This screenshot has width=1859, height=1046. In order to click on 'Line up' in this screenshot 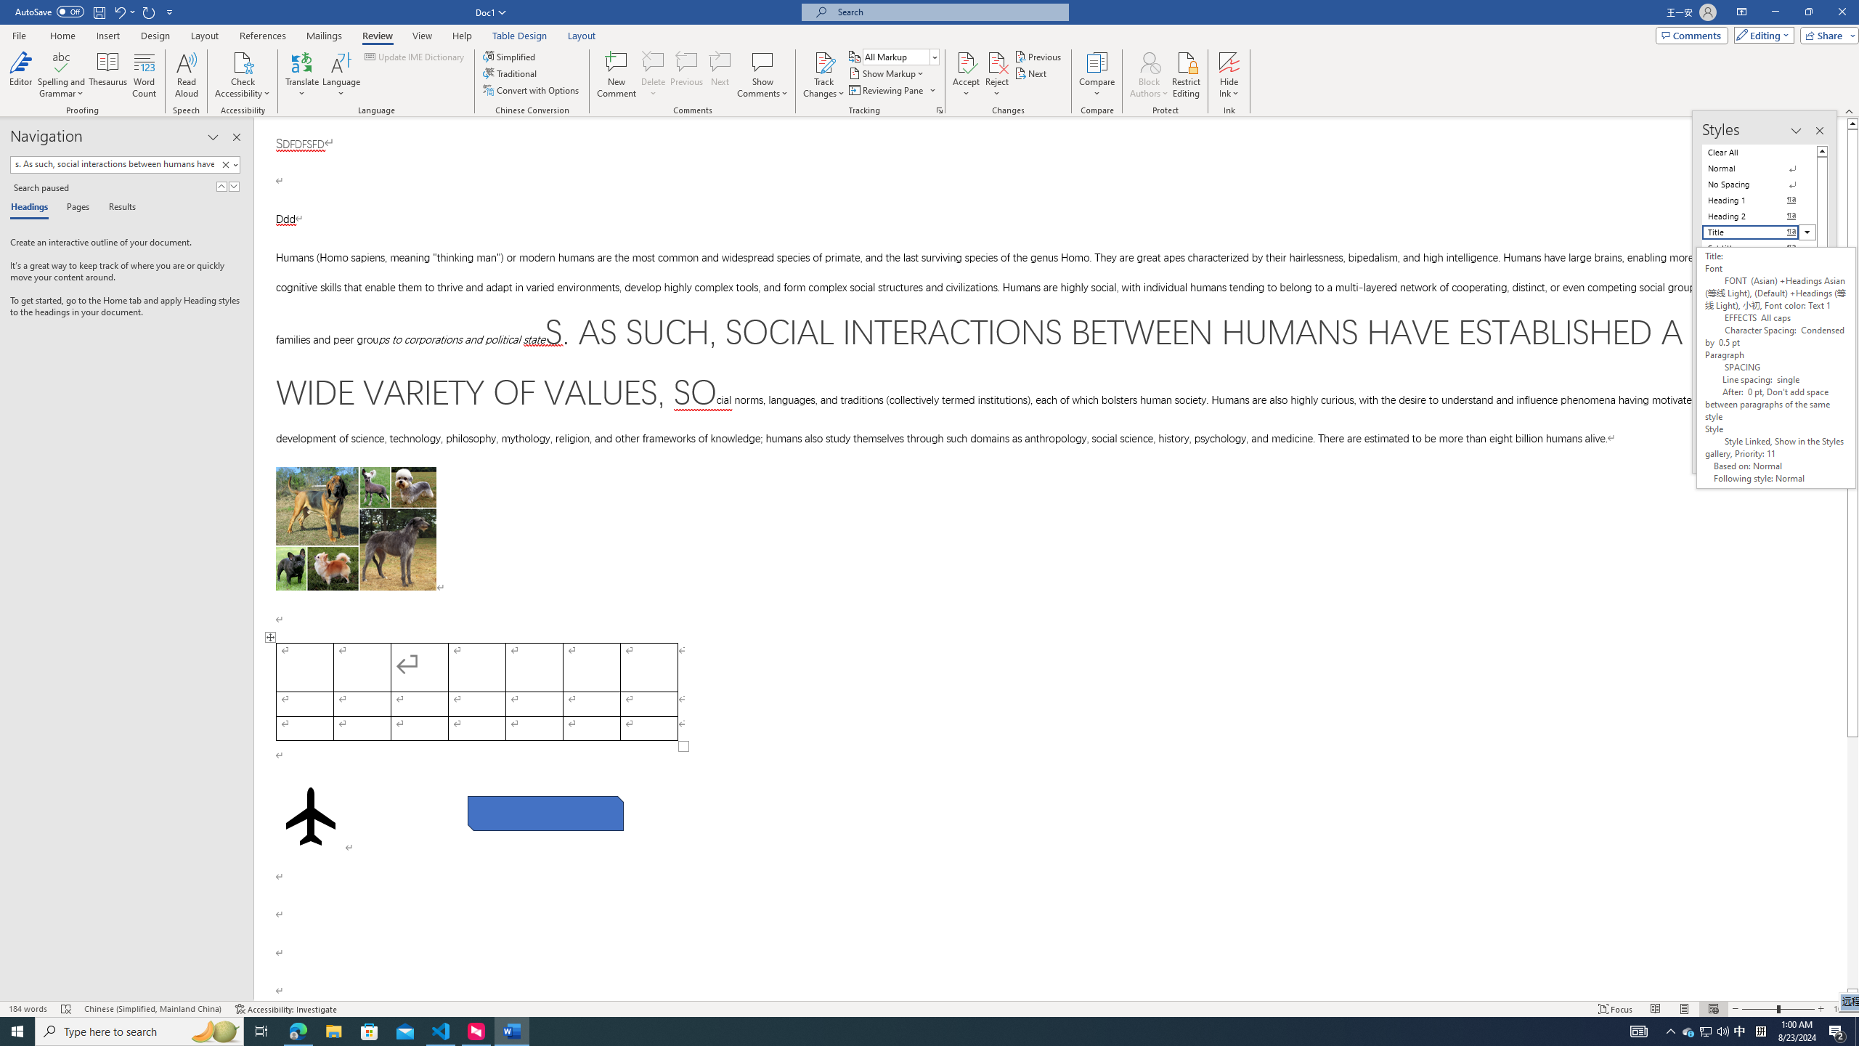, I will do `click(1852, 122)`.